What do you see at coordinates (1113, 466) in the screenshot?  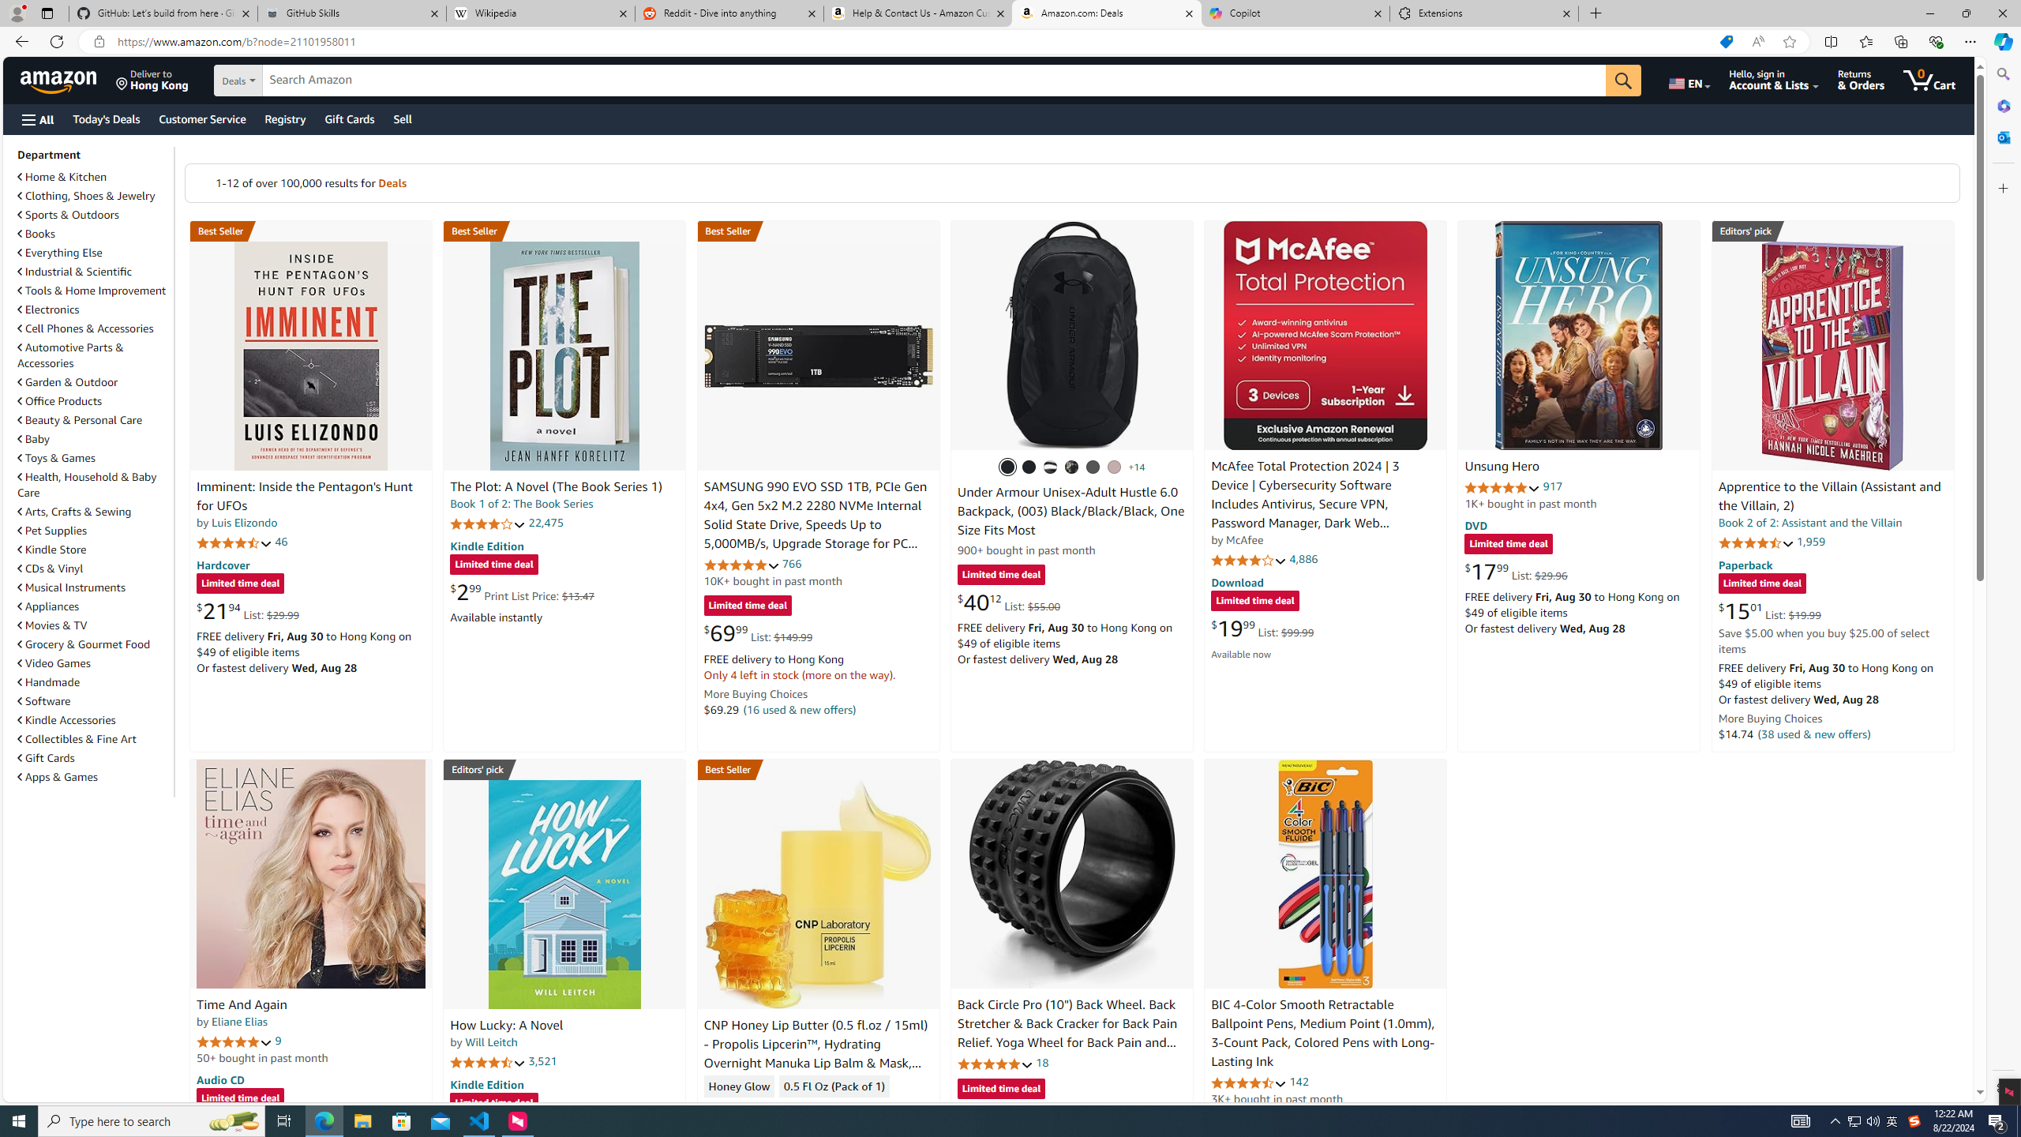 I see `'(015) Tetra Gray / Tetra Gray / Gray Matter'` at bounding box center [1113, 466].